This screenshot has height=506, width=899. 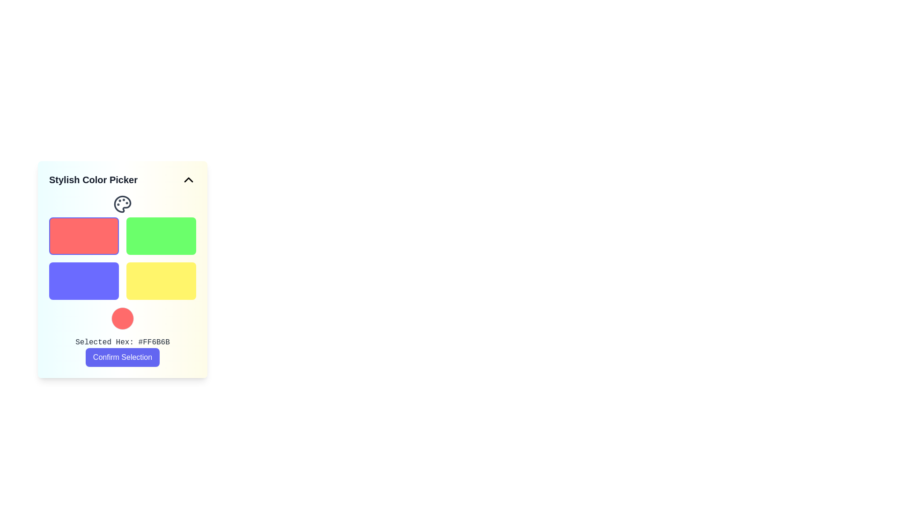 What do you see at coordinates (161, 281) in the screenshot?
I see `the interactive button with a solid yellow background located in the bottom-right corner of the grid to trigger animations or effects` at bounding box center [161, 281].